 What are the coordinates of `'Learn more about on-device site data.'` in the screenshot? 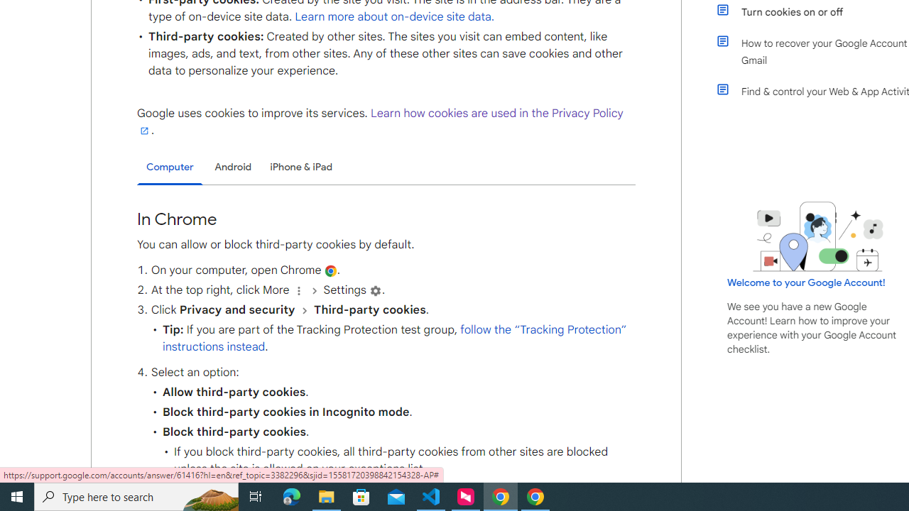 It's located at (395, 16).